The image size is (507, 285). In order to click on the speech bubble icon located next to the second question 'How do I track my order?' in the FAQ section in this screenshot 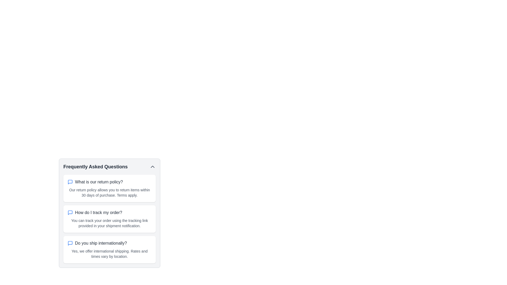, I will do `click(70, 182)`.